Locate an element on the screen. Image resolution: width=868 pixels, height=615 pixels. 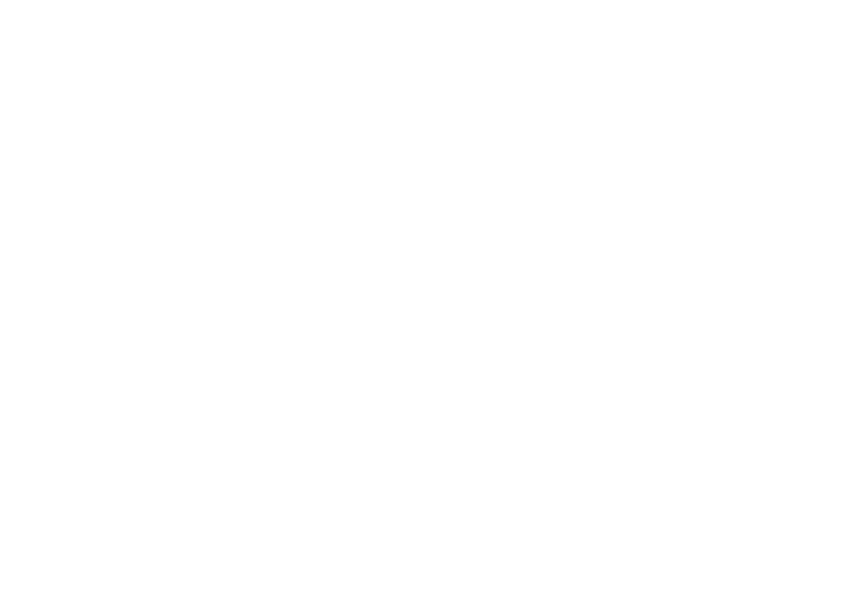
'Consulate of Luxembourg in Montreal, Canada' is located at coordinates (247, 34).